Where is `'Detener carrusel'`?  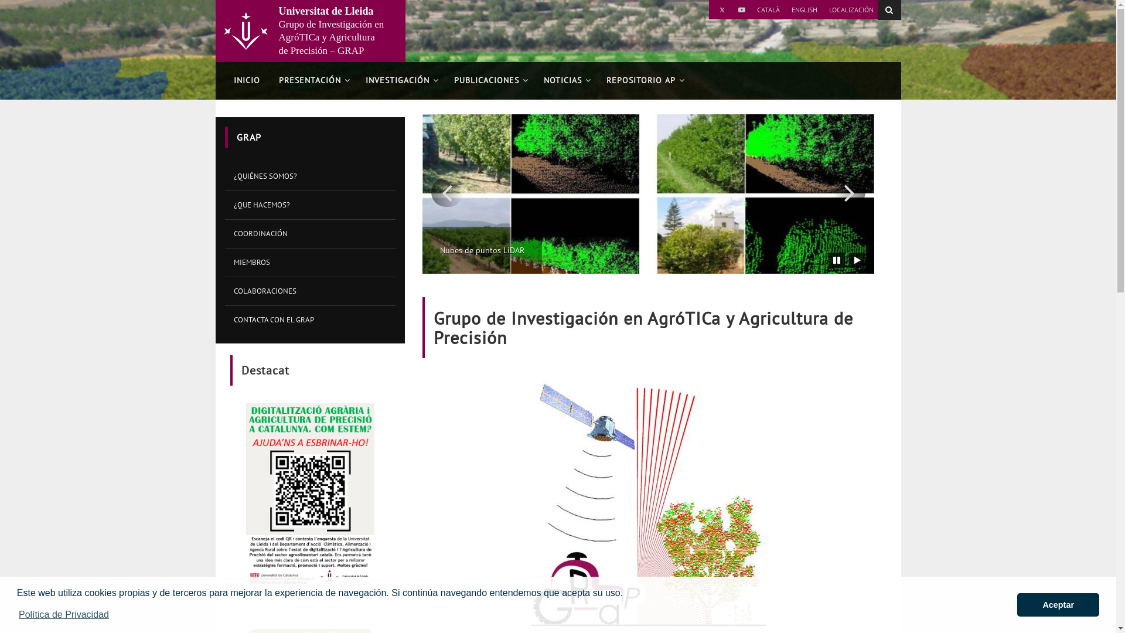 'Detener carrusel' is located at coordinates (836, 259).